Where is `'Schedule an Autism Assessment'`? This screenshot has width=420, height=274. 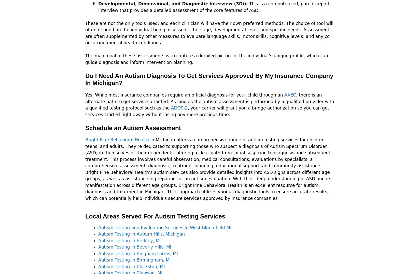 'Schedule an Autism Assessment' is located at coordinates (133, 128).